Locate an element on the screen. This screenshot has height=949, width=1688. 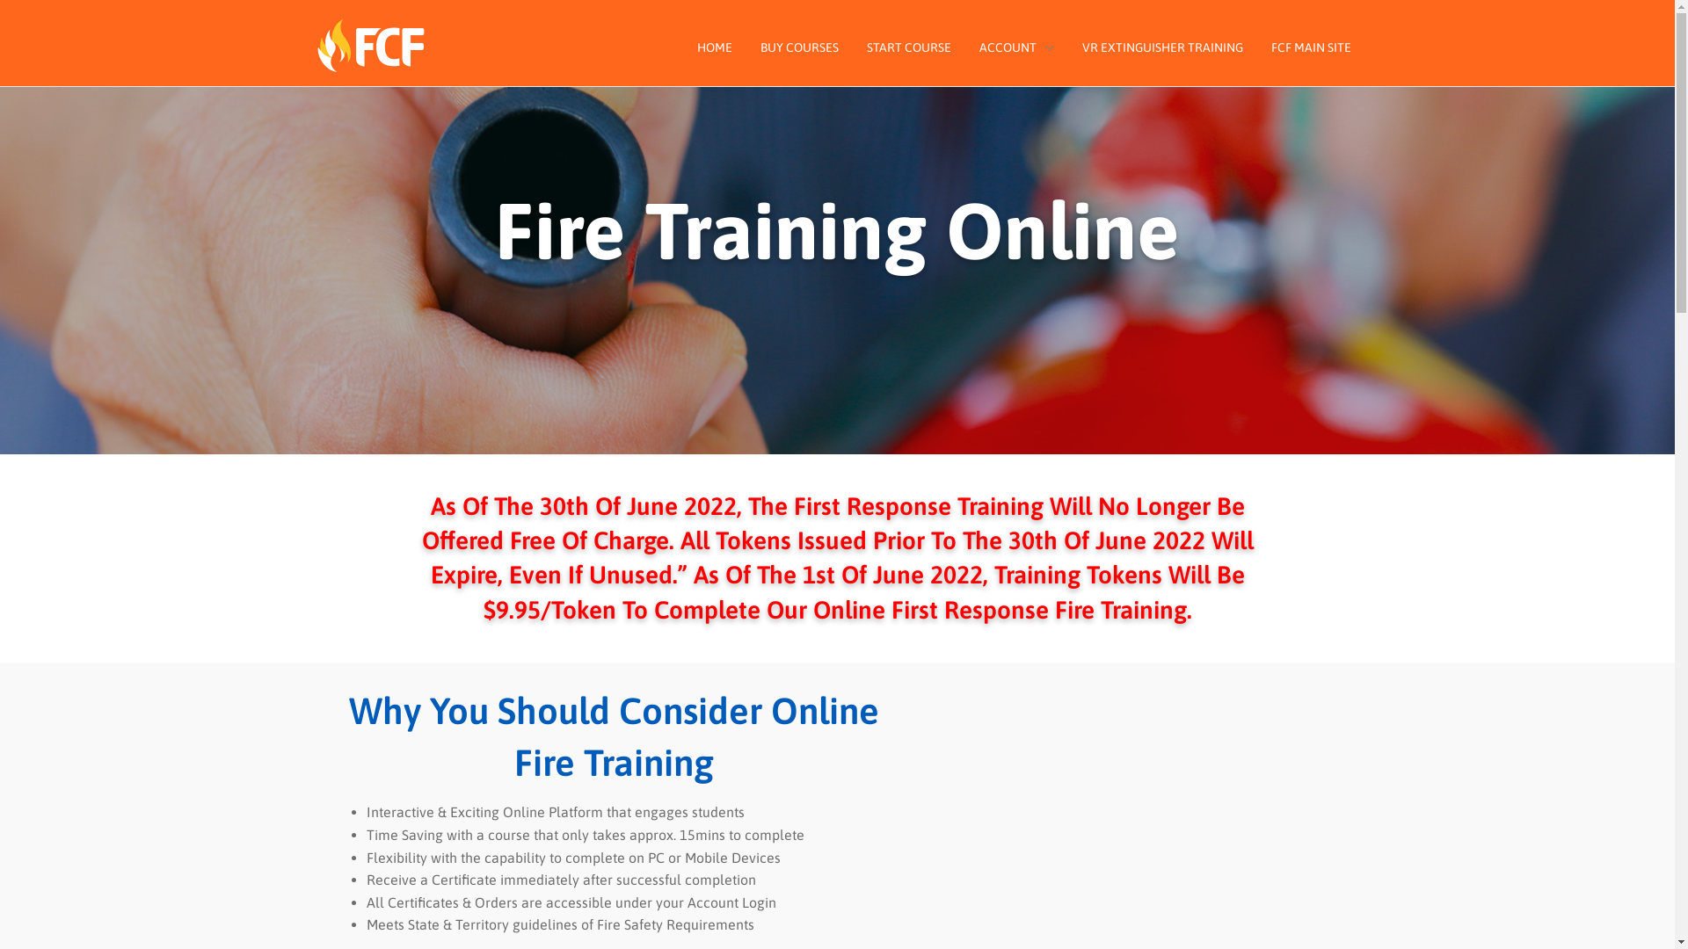
'HOME' is located at coordinates (713, 46).